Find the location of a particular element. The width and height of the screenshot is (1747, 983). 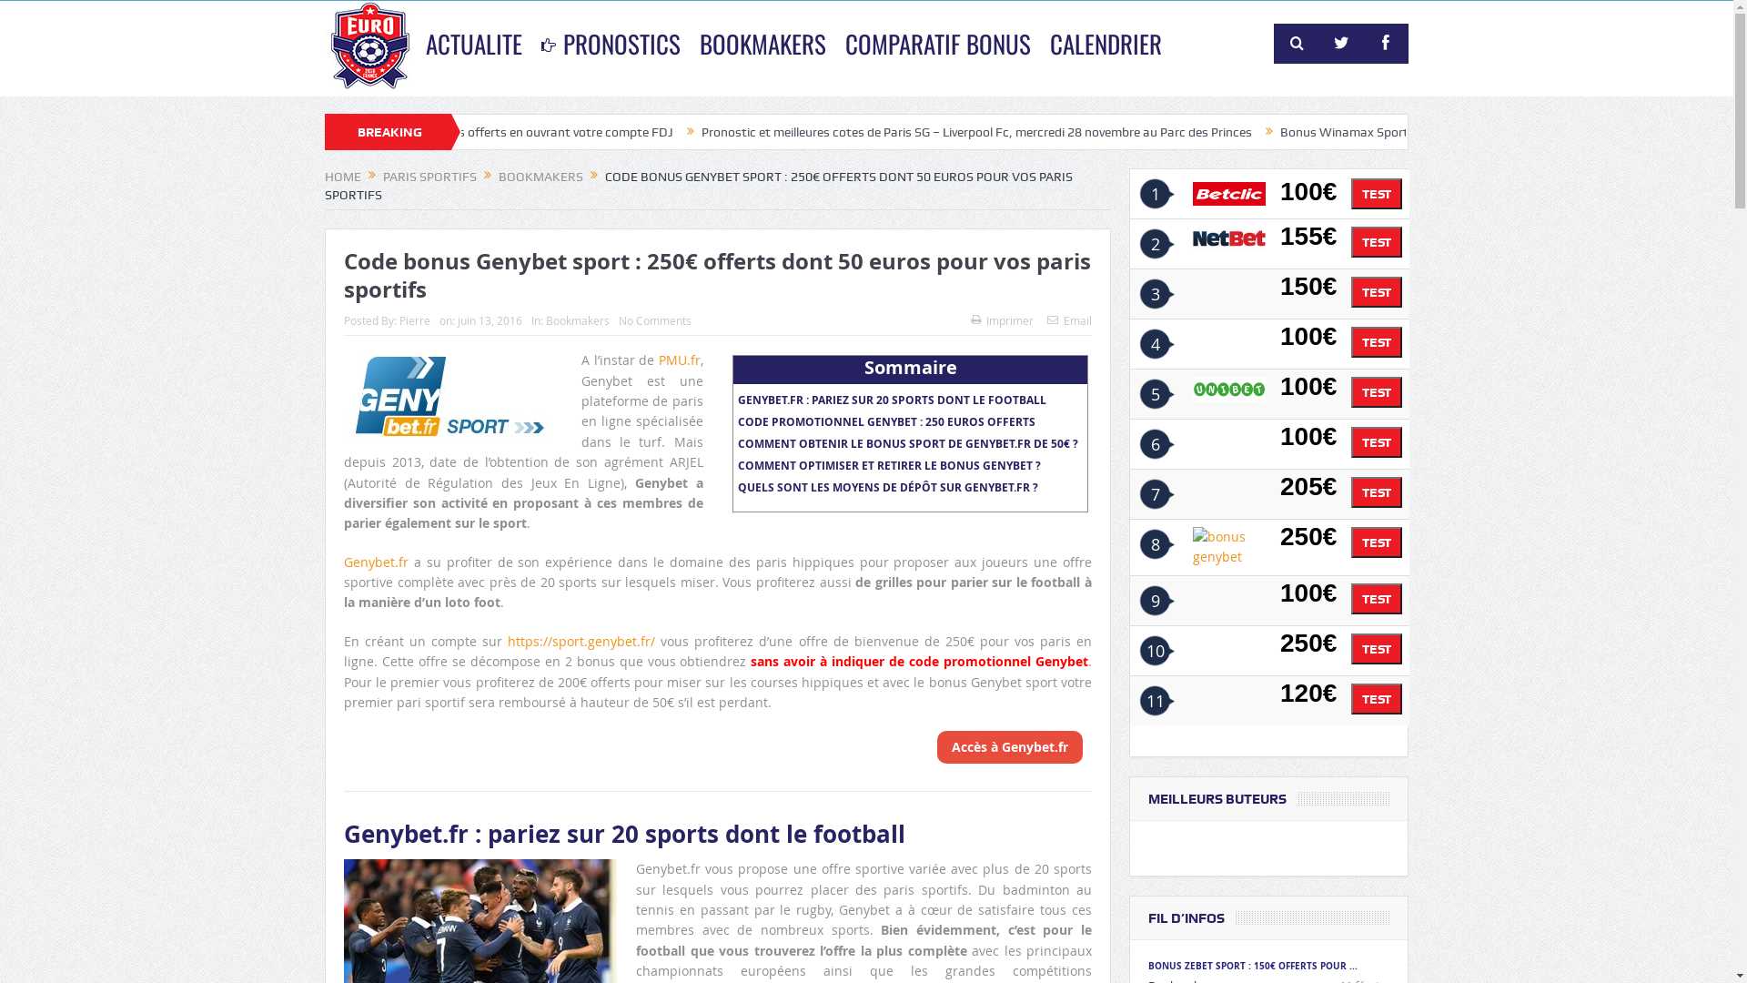

'No Comments' is located at coordinates (655, 319).